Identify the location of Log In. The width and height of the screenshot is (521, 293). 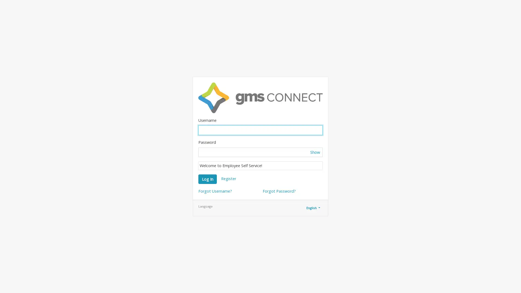
(207, 179).